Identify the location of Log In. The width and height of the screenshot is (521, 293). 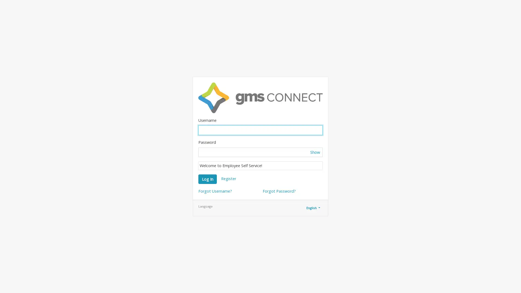
(207, 179).